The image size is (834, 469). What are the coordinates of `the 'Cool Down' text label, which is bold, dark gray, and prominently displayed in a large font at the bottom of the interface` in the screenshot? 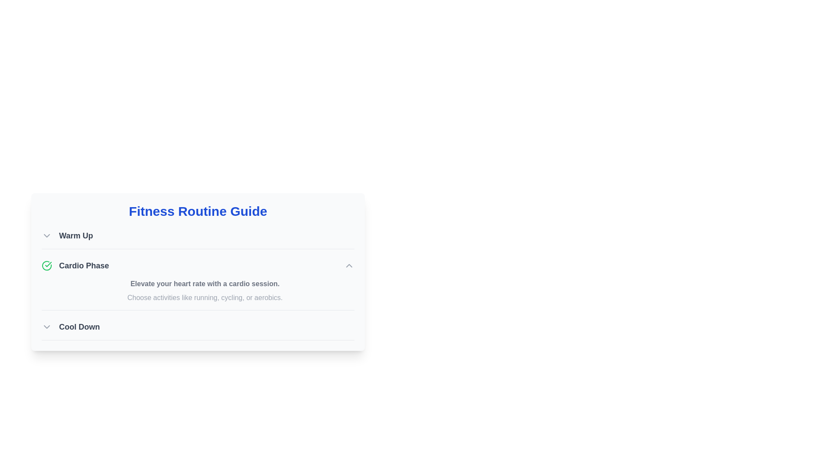 It's located at (79, 327).